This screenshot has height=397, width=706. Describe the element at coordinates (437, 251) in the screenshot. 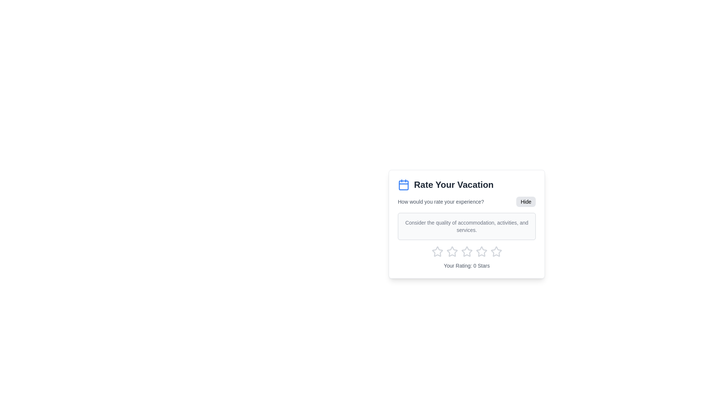

I see `the first star-shaped rating icon` at that location.